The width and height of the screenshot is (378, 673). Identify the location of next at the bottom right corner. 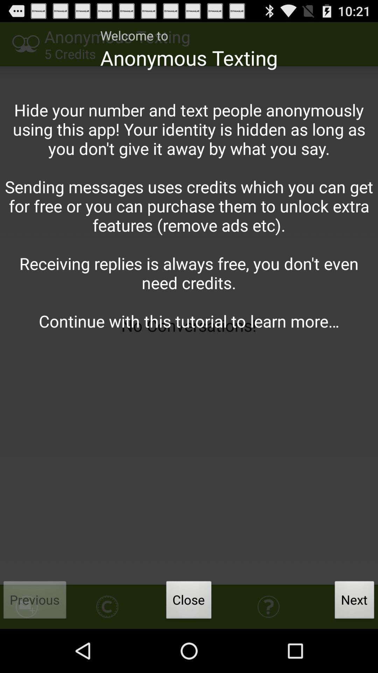
(355, 601).